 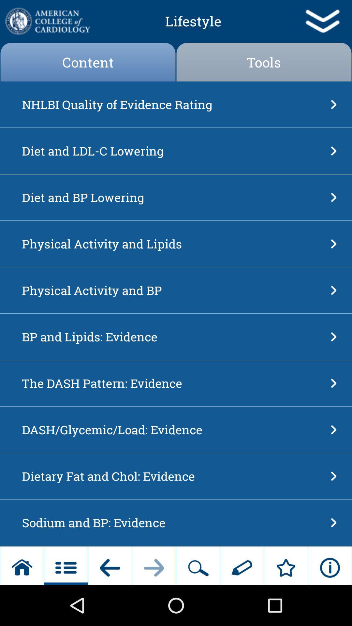 What do you see at coordinates (264, 62) in the screenshot?
I see `the app above the nhlbi quality of item` at bounding box center [264, 62].